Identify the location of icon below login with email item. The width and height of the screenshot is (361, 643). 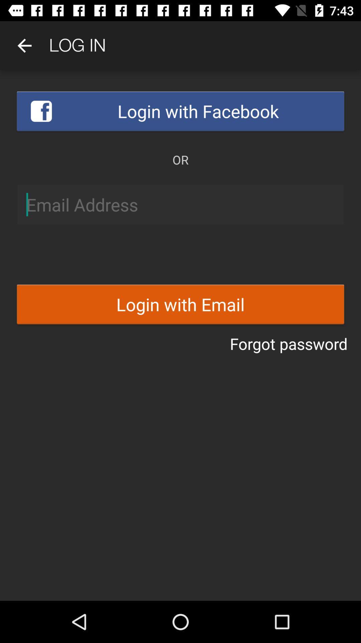
(288, 344).